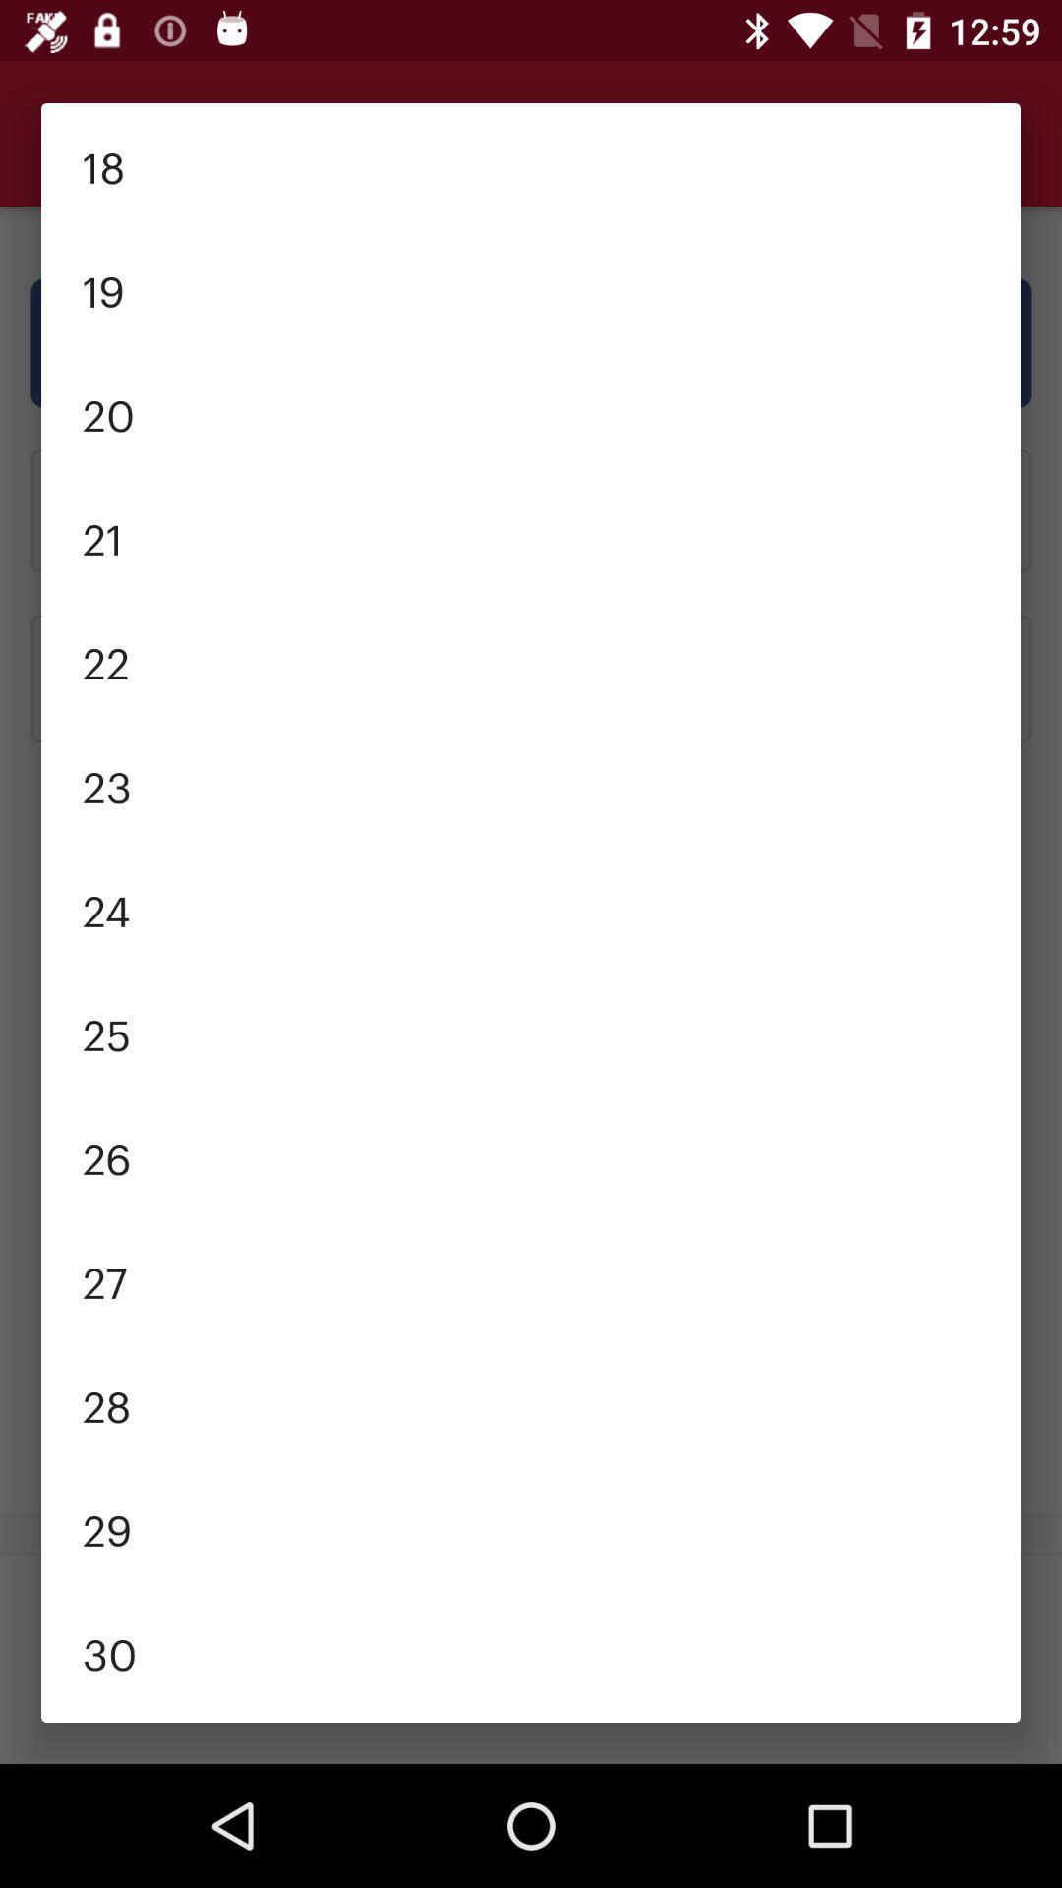 This screenshot has height=1888, width=1062. What do you see at coordinates (531, 1652) in the screenshot?
I see `30 item` at bounding box center [531, 1652].